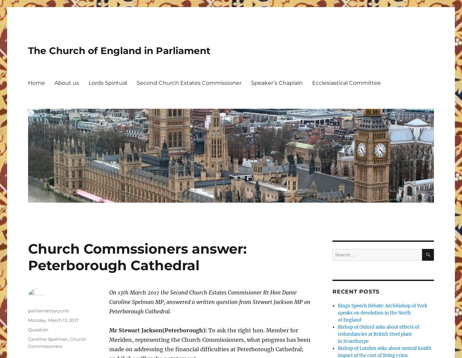 This screenshot has width=462, height=358. I want to click on 'Church Commissioners', so click(56, 342).